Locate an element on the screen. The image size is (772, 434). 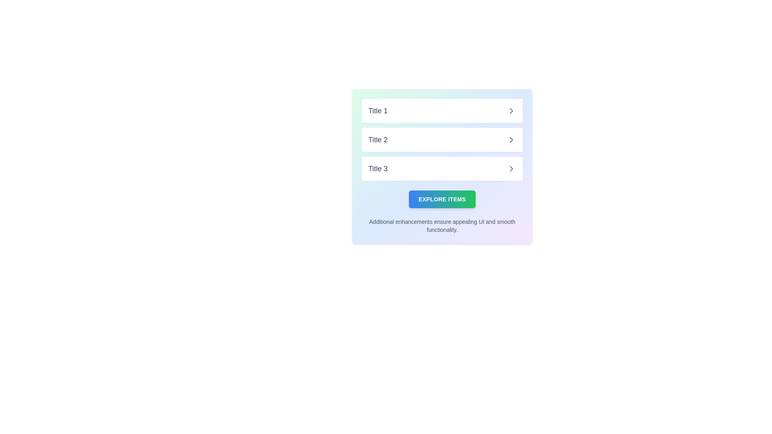
the Chevron Icon located at the far right of the 'Title 3' row, indicating it is expandable or navigable is located at coordinates (511, 168).